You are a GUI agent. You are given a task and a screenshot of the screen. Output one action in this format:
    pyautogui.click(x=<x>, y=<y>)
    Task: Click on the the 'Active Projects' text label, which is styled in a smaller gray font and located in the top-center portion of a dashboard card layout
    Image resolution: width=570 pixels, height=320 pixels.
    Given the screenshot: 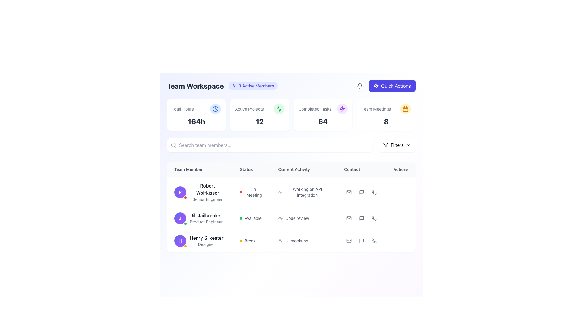 What is the action you would take?
    pyautogui.click(x=259, y=109)
    